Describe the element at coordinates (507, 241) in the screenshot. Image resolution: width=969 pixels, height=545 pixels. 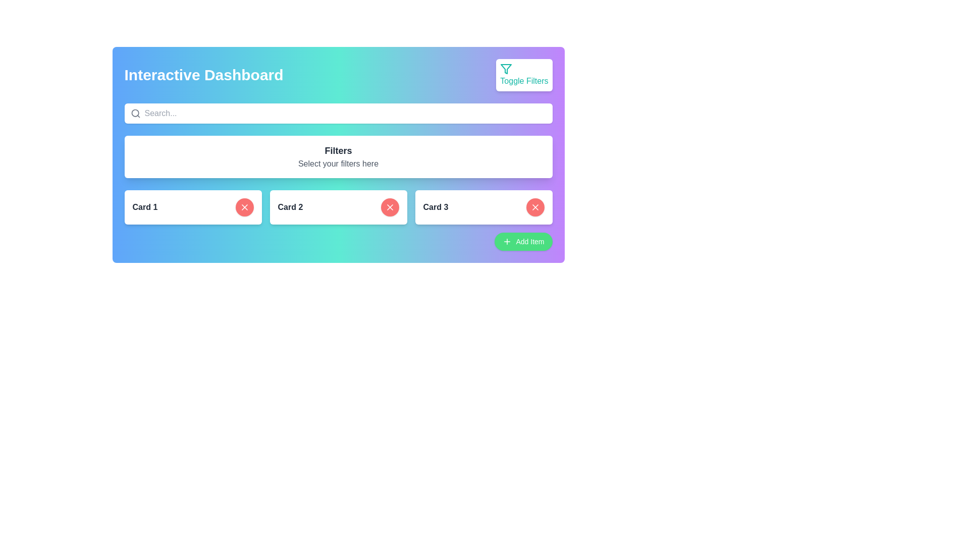
I see `the icon within the 'Add Item' button located in the bottom-right corner of the primary panel` at that location.